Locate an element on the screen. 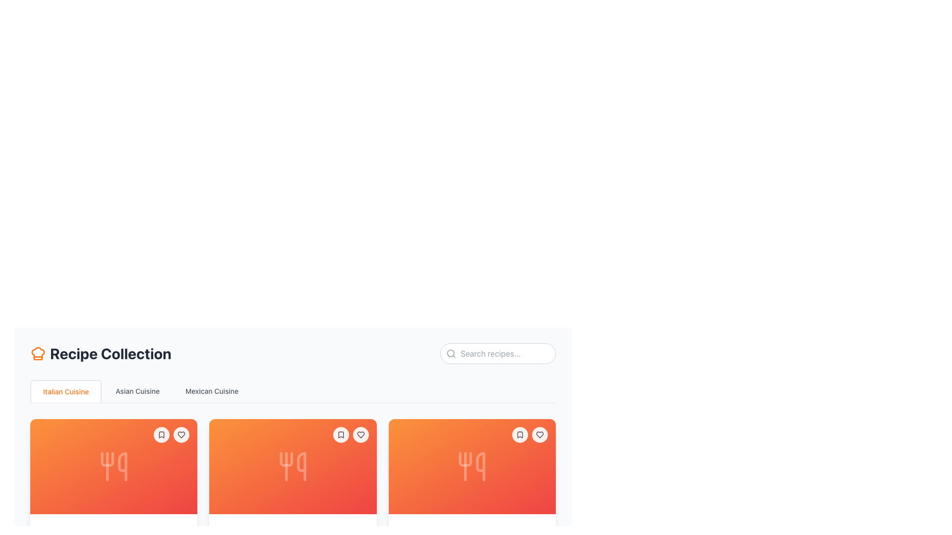  the heart-shaped icon located in the top-right corner of the first card under the Italian Cuisine section is located at coordinates (360, 434).